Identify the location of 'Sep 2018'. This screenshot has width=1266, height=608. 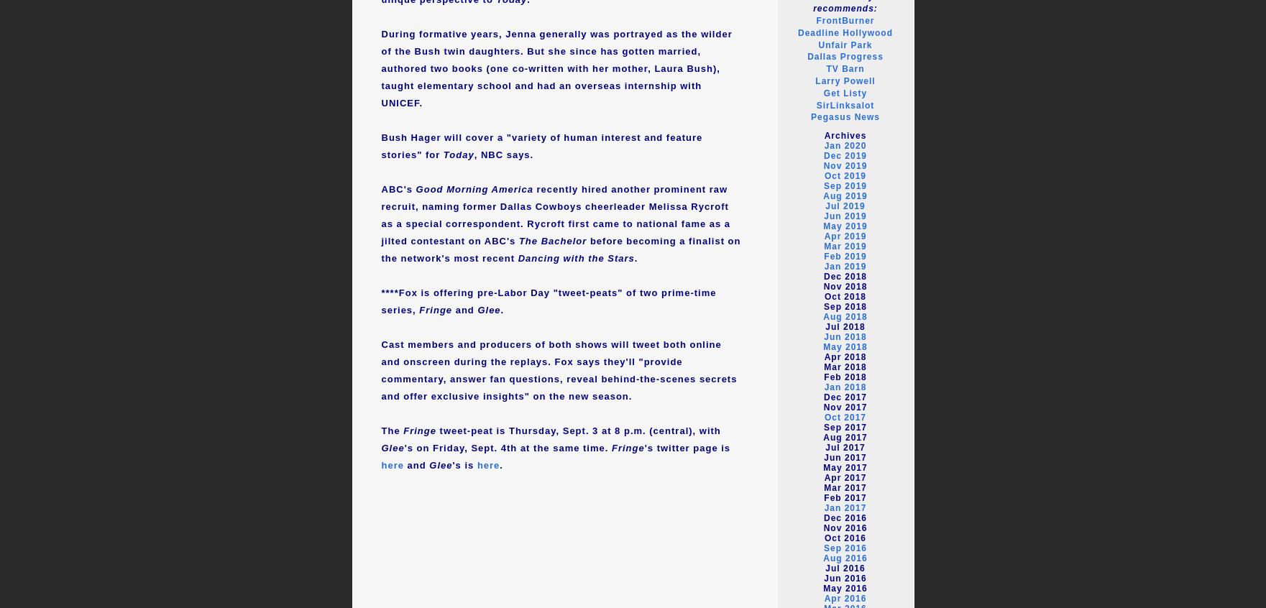
(822, 305).